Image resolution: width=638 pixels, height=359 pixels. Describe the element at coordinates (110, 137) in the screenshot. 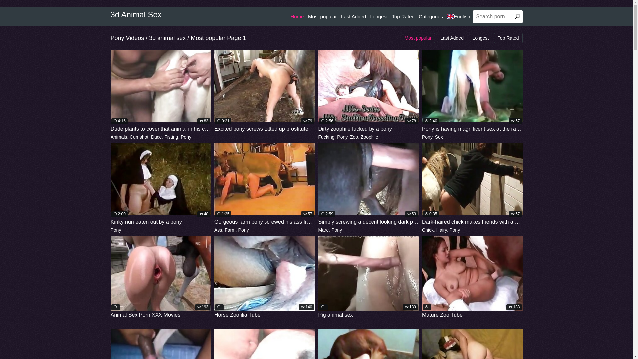

I see `'Animals'` at that location.